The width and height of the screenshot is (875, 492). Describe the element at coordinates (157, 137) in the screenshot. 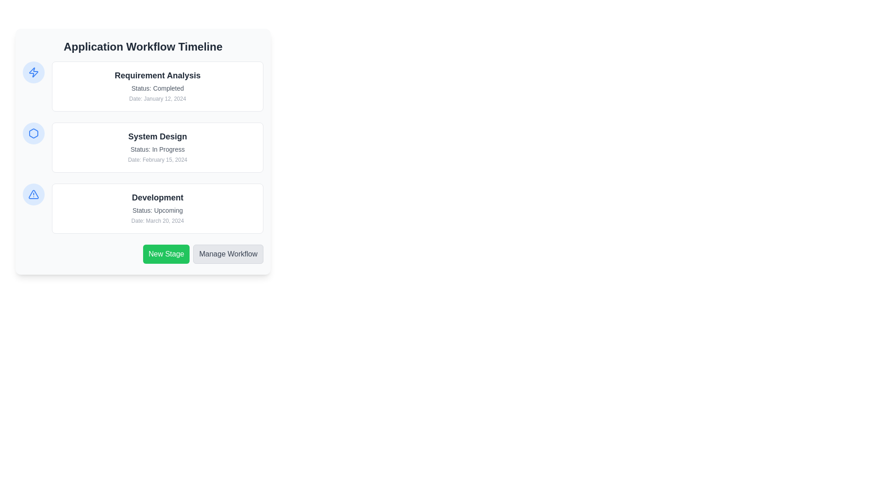

I see `the text element displaying 'System Design', which is styled in bold and larger font, located at the top-middle of its card` at that location.